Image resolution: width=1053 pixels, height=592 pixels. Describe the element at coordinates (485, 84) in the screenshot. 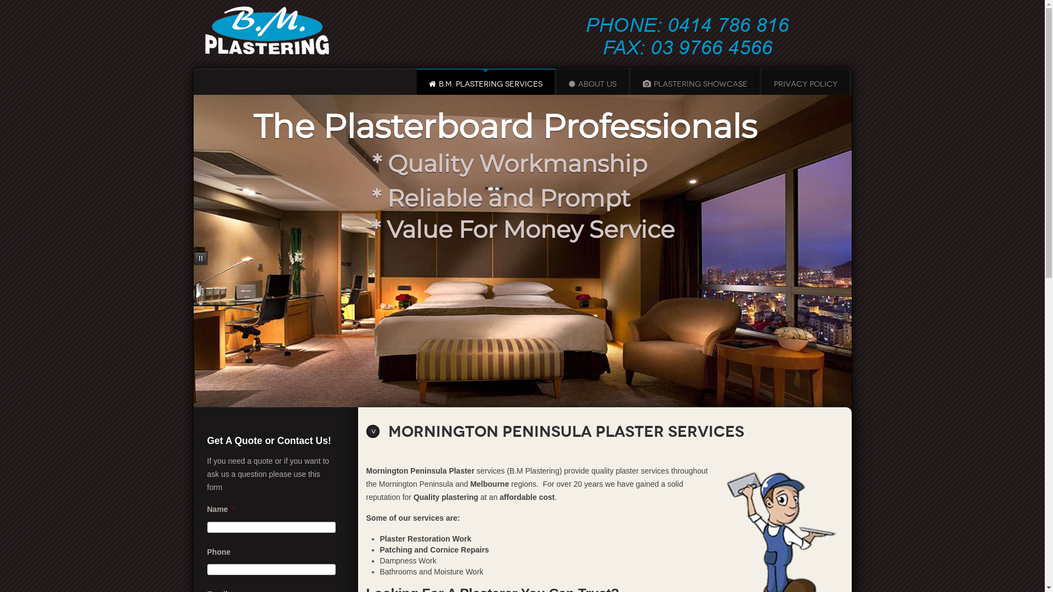

I see `'B.M. PLASTERING SERVICES'` at that location.